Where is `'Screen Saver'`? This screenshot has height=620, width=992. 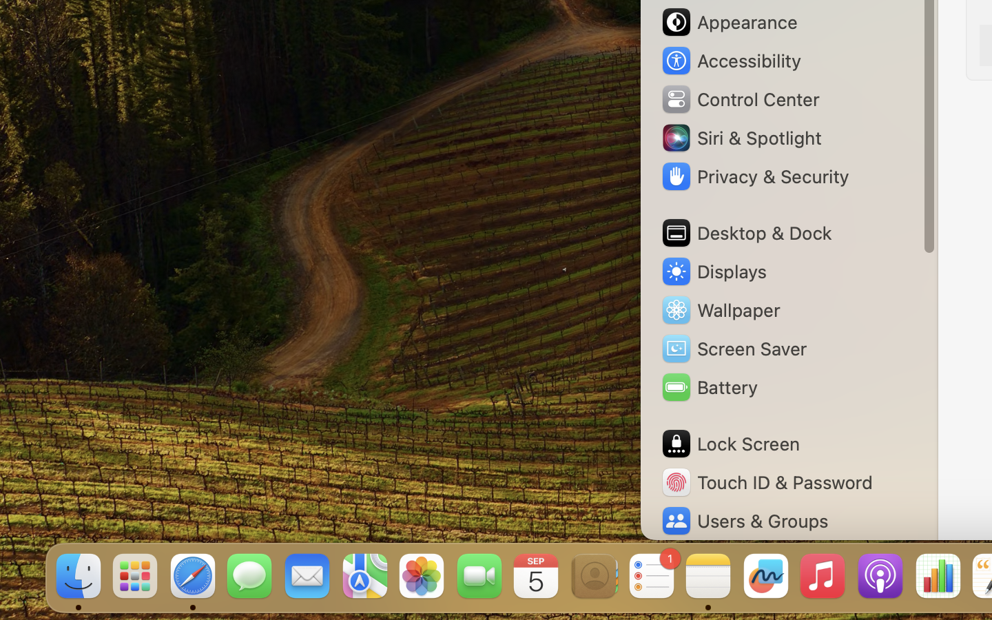 'Screen Saver' is located at coordinates (734, 347).